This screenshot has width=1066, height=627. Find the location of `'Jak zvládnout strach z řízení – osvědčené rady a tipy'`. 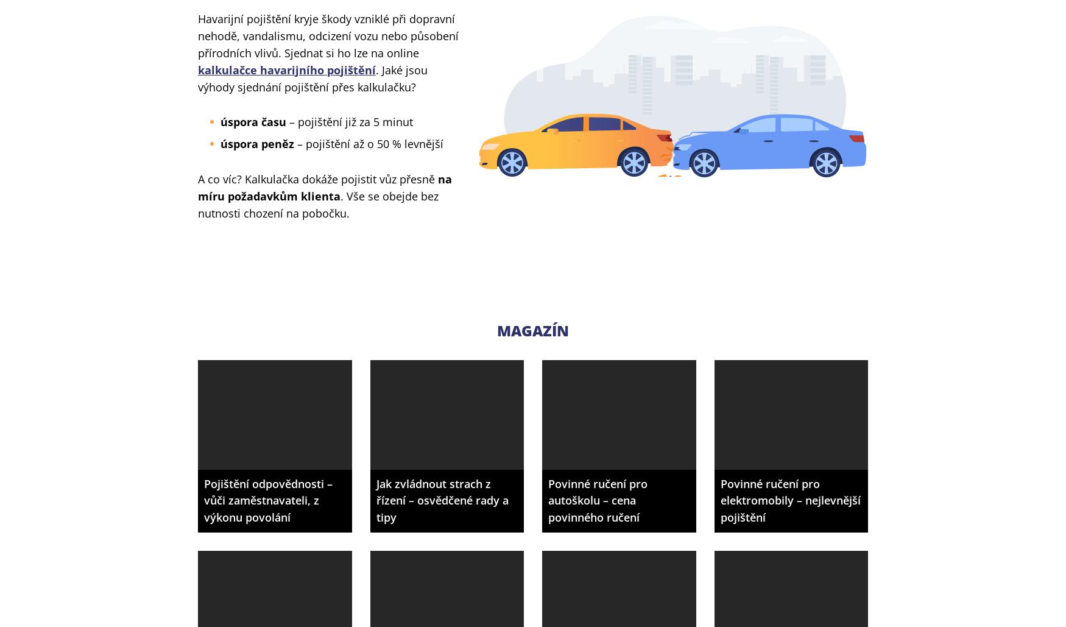

'Jak zvládnout strach z řízení – osvědčené rady a tipy' is located at coordinates (442, 500).